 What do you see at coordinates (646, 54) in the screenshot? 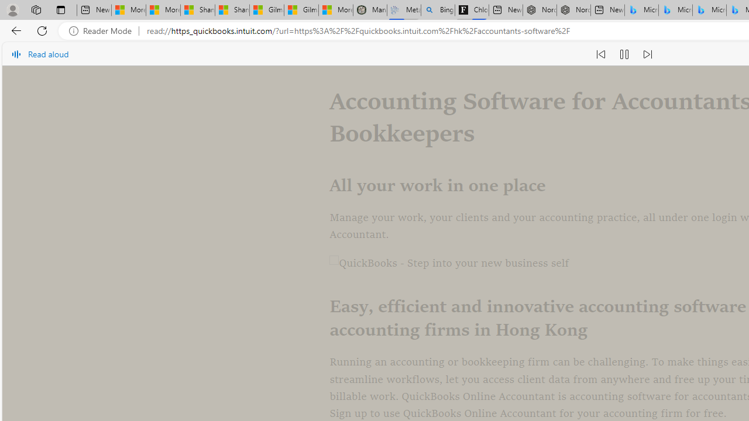
I see `'Read next paragraph'` at bounding box center [646, 54].